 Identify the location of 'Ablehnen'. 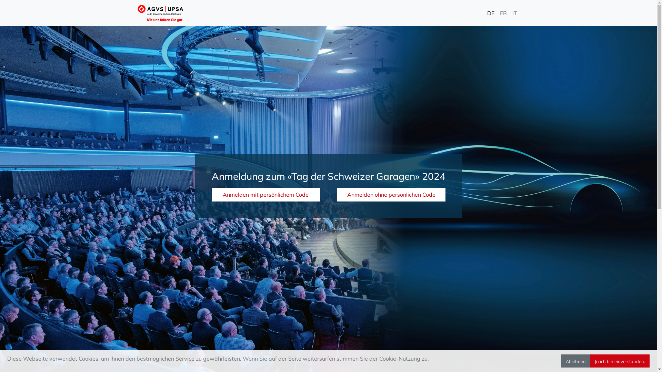
(576, 361).